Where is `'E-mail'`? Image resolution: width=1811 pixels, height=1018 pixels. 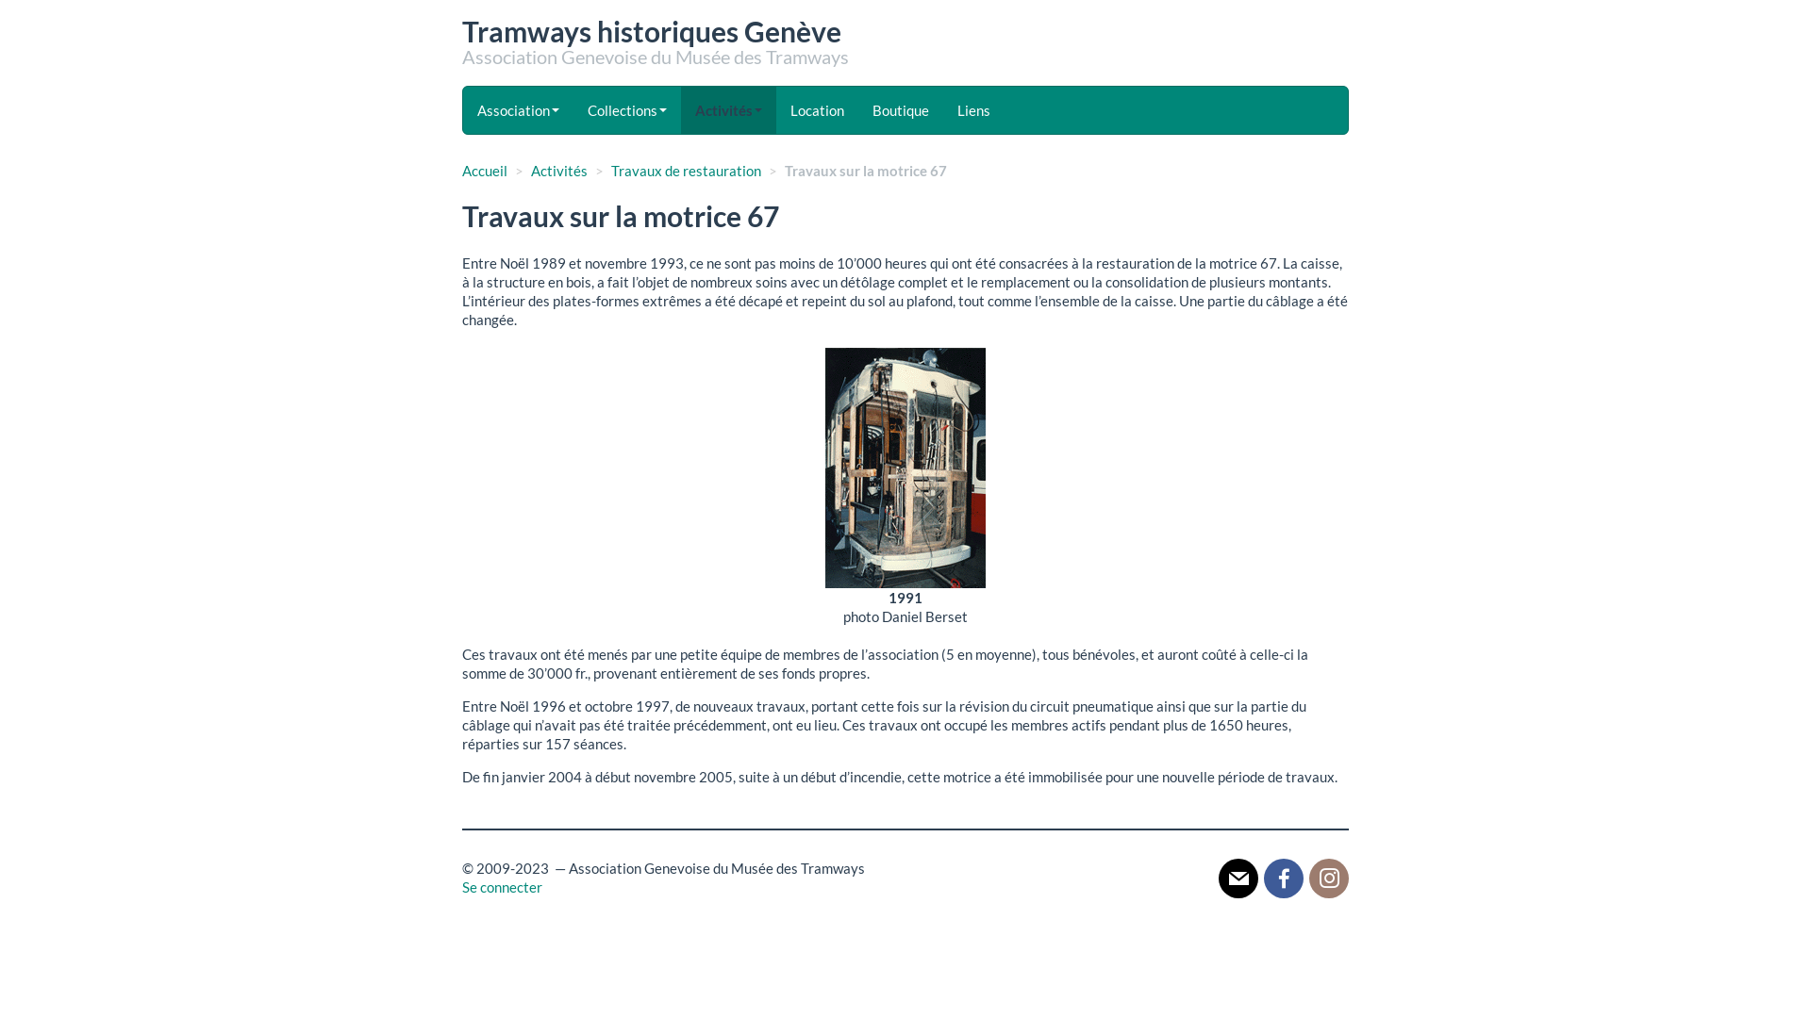 'E-mail' is located at coordinates (1238, 877).